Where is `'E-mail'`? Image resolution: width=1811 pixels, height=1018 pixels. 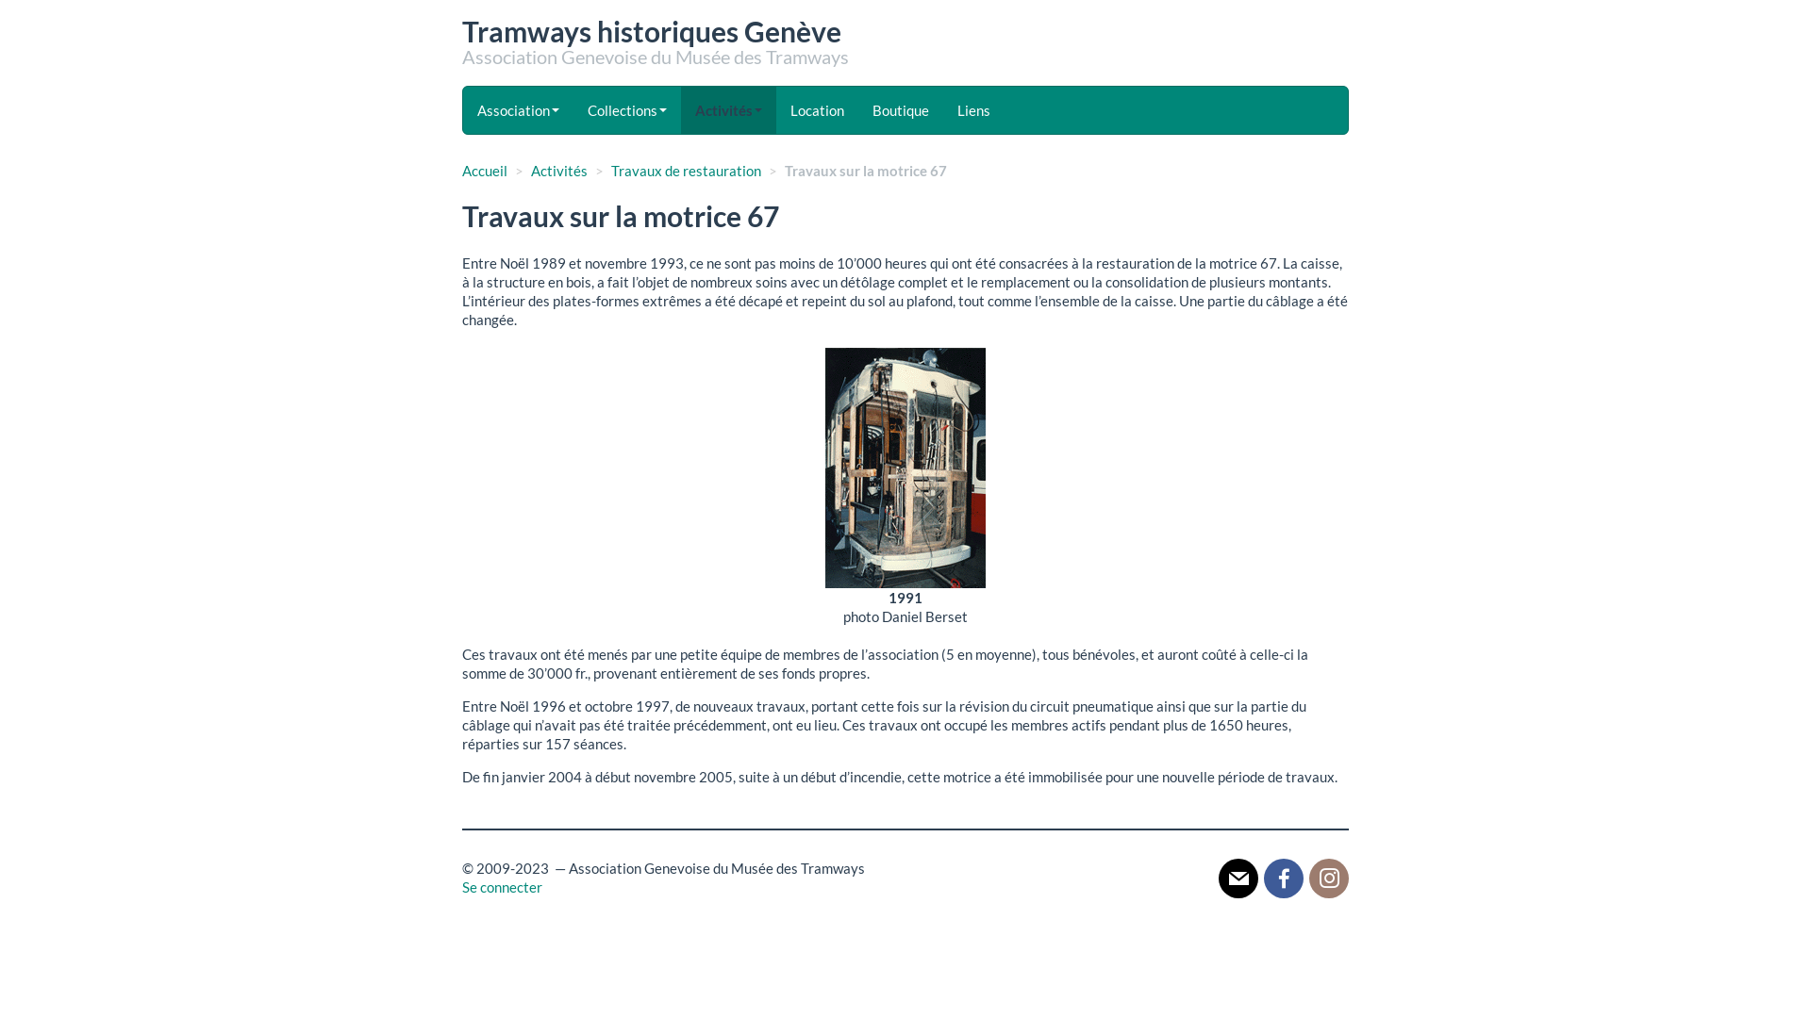 'E-mail' is located at coordinates (1238, 877).